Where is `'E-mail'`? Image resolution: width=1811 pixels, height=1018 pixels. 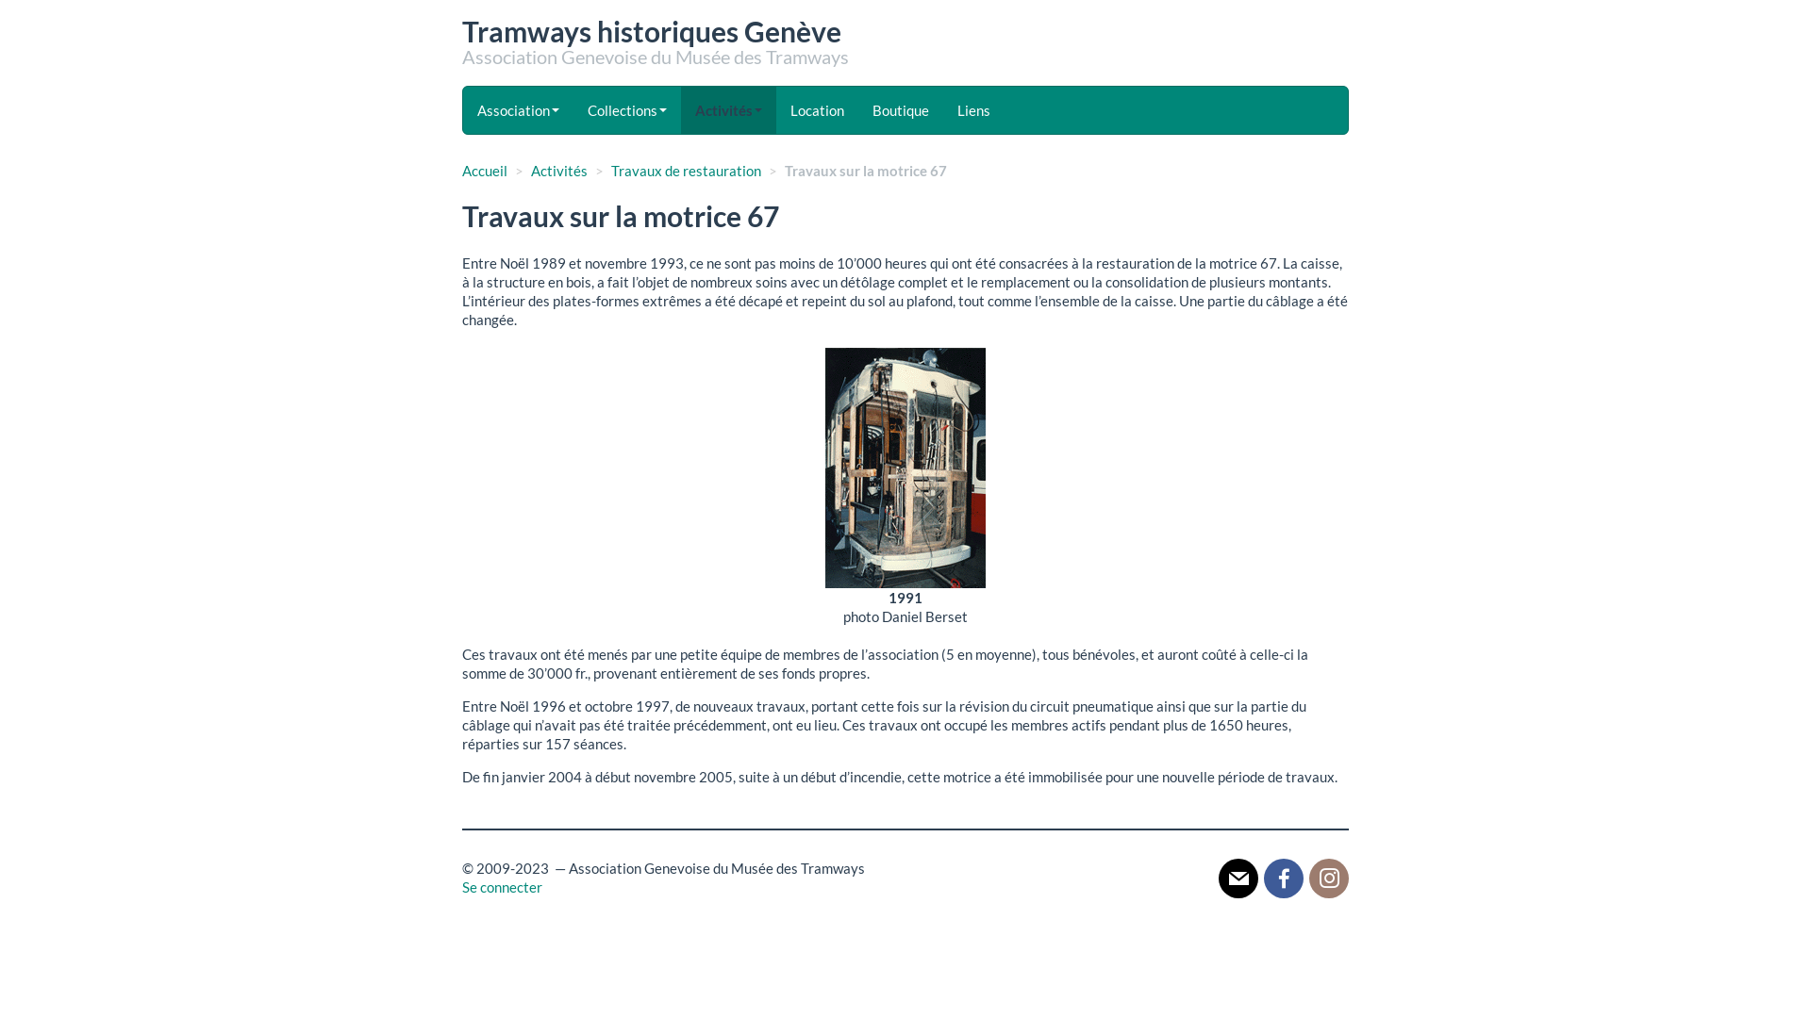 'E-mail' is located at coordinates (1238, 877).